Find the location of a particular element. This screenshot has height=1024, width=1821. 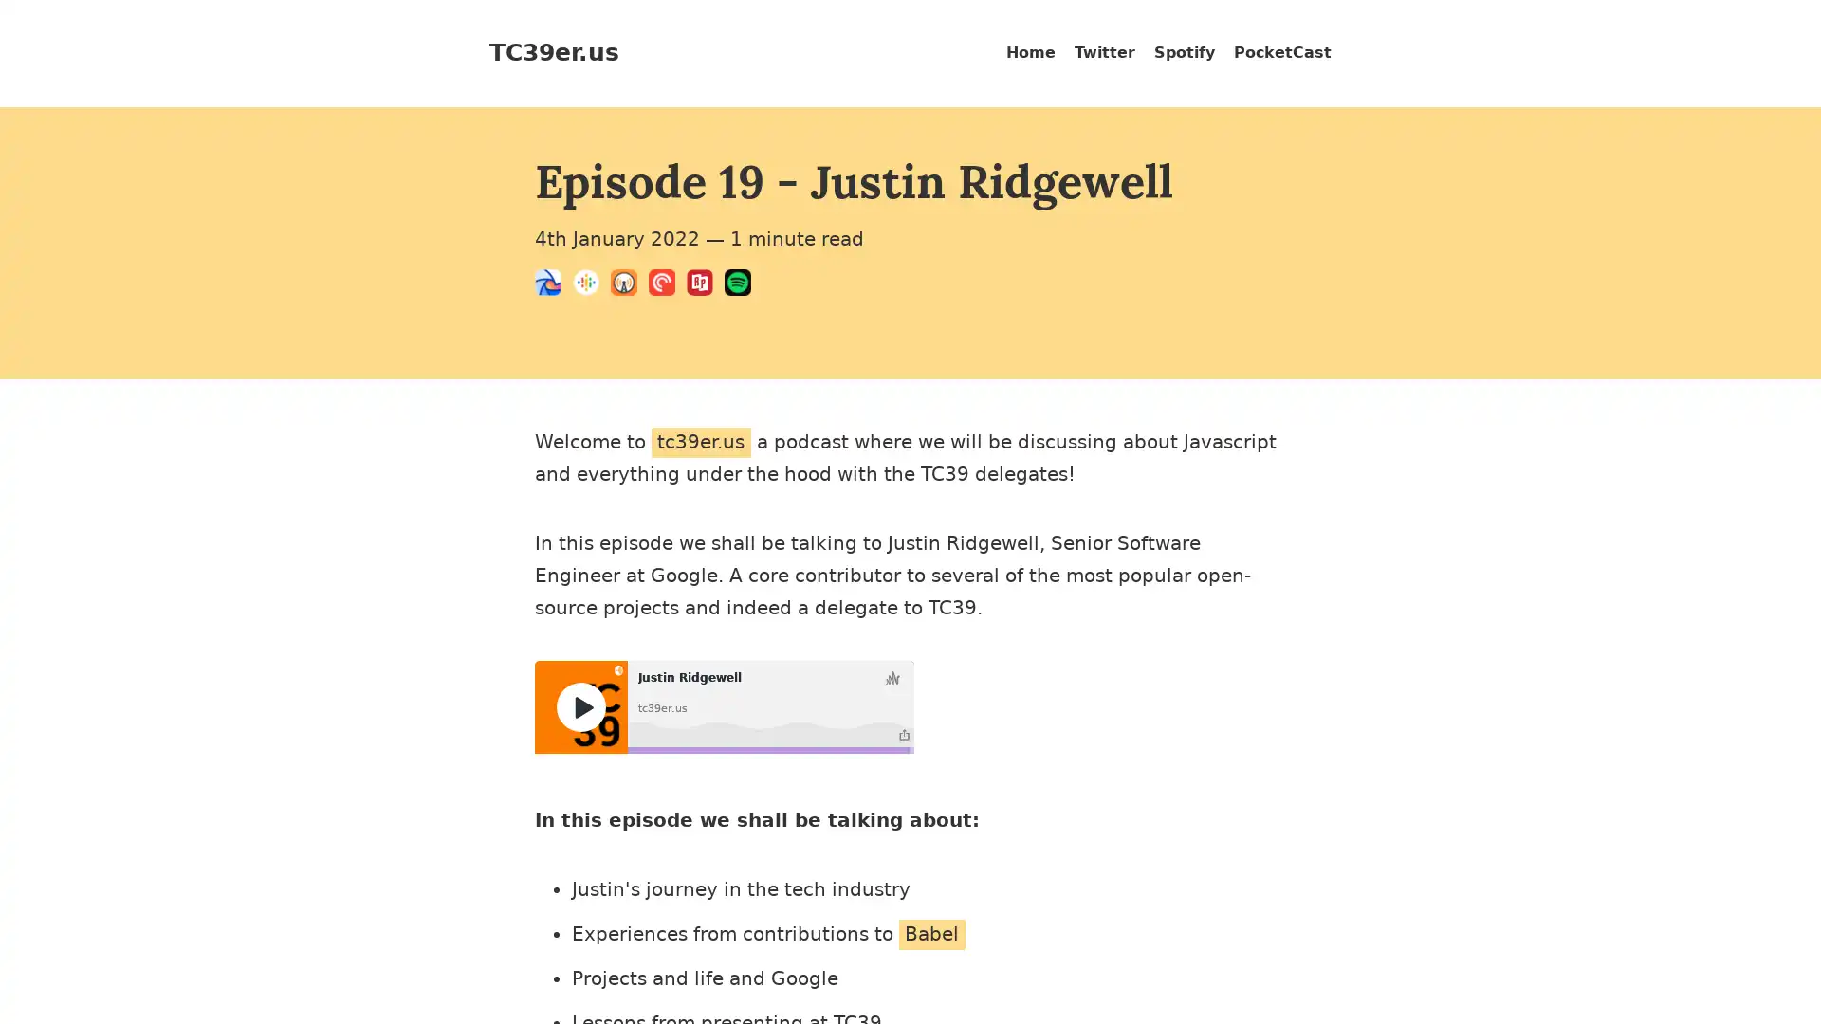

Spotify Logo is located at coordinates (742, 285).